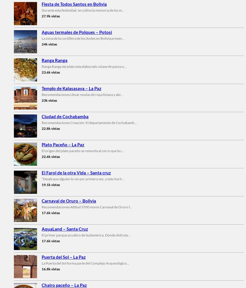 The width and height of the screenshot is (246, 288). What do you see at coordinates (50, 15) in the screenshot?
I see `'27.9k vistas'` at bounding box center [50, 15].